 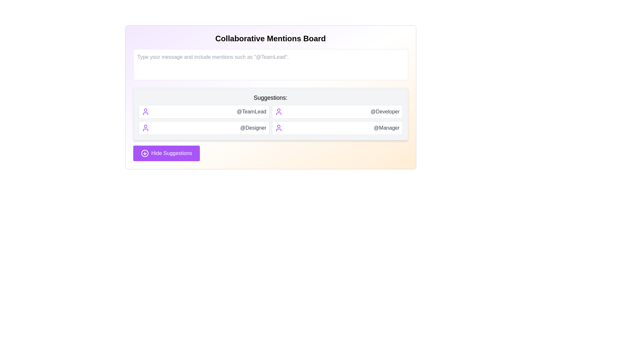 What do you see at coordinates (145, 111) in the screenshot?
I see `the user profile icon representing '@TeamLead' located in the first suggestion item of the 'Suggestions' section` at bounding box center [145, 111].